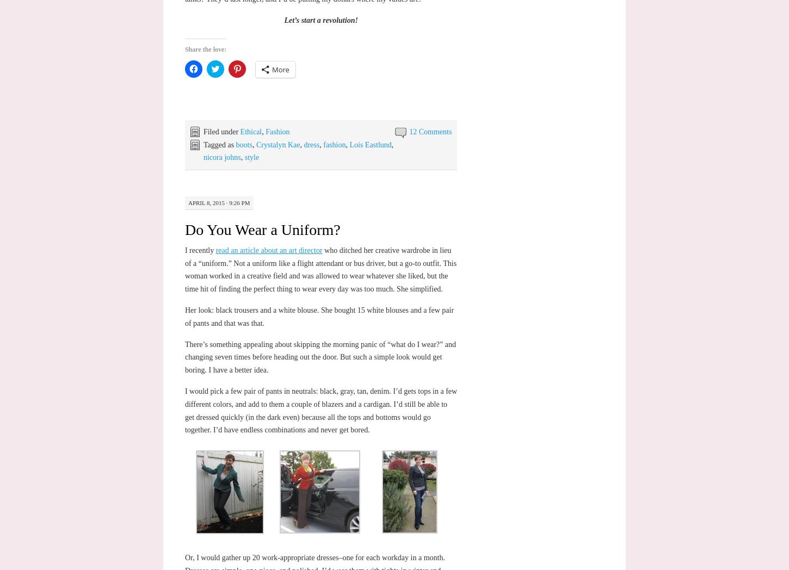 This screenshot has height=570, width=789. What do you see at coordinates (221, 157) in the screenshot?
I see `'nicora johns'` at bounding box center [221, 157].